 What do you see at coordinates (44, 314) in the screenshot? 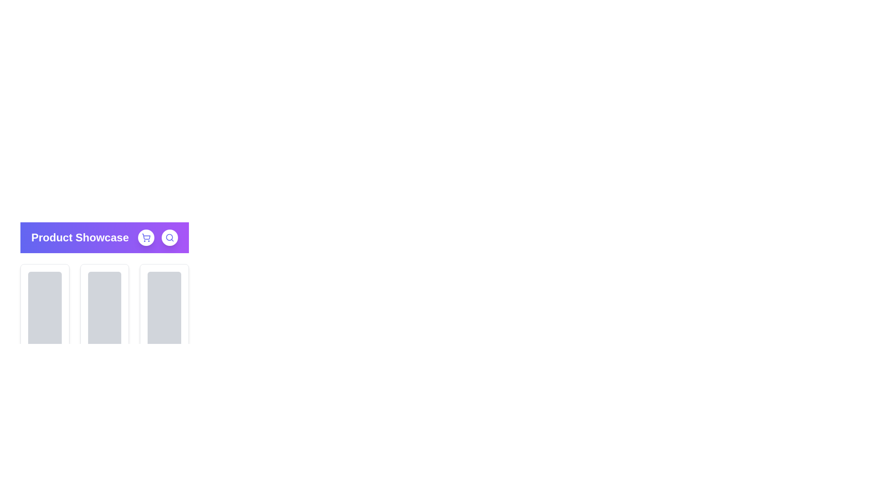
I see `the vertically rectangular, light grey block element serving as an image placeholder, located at the top of the product card` at bounding box center [44, 314].